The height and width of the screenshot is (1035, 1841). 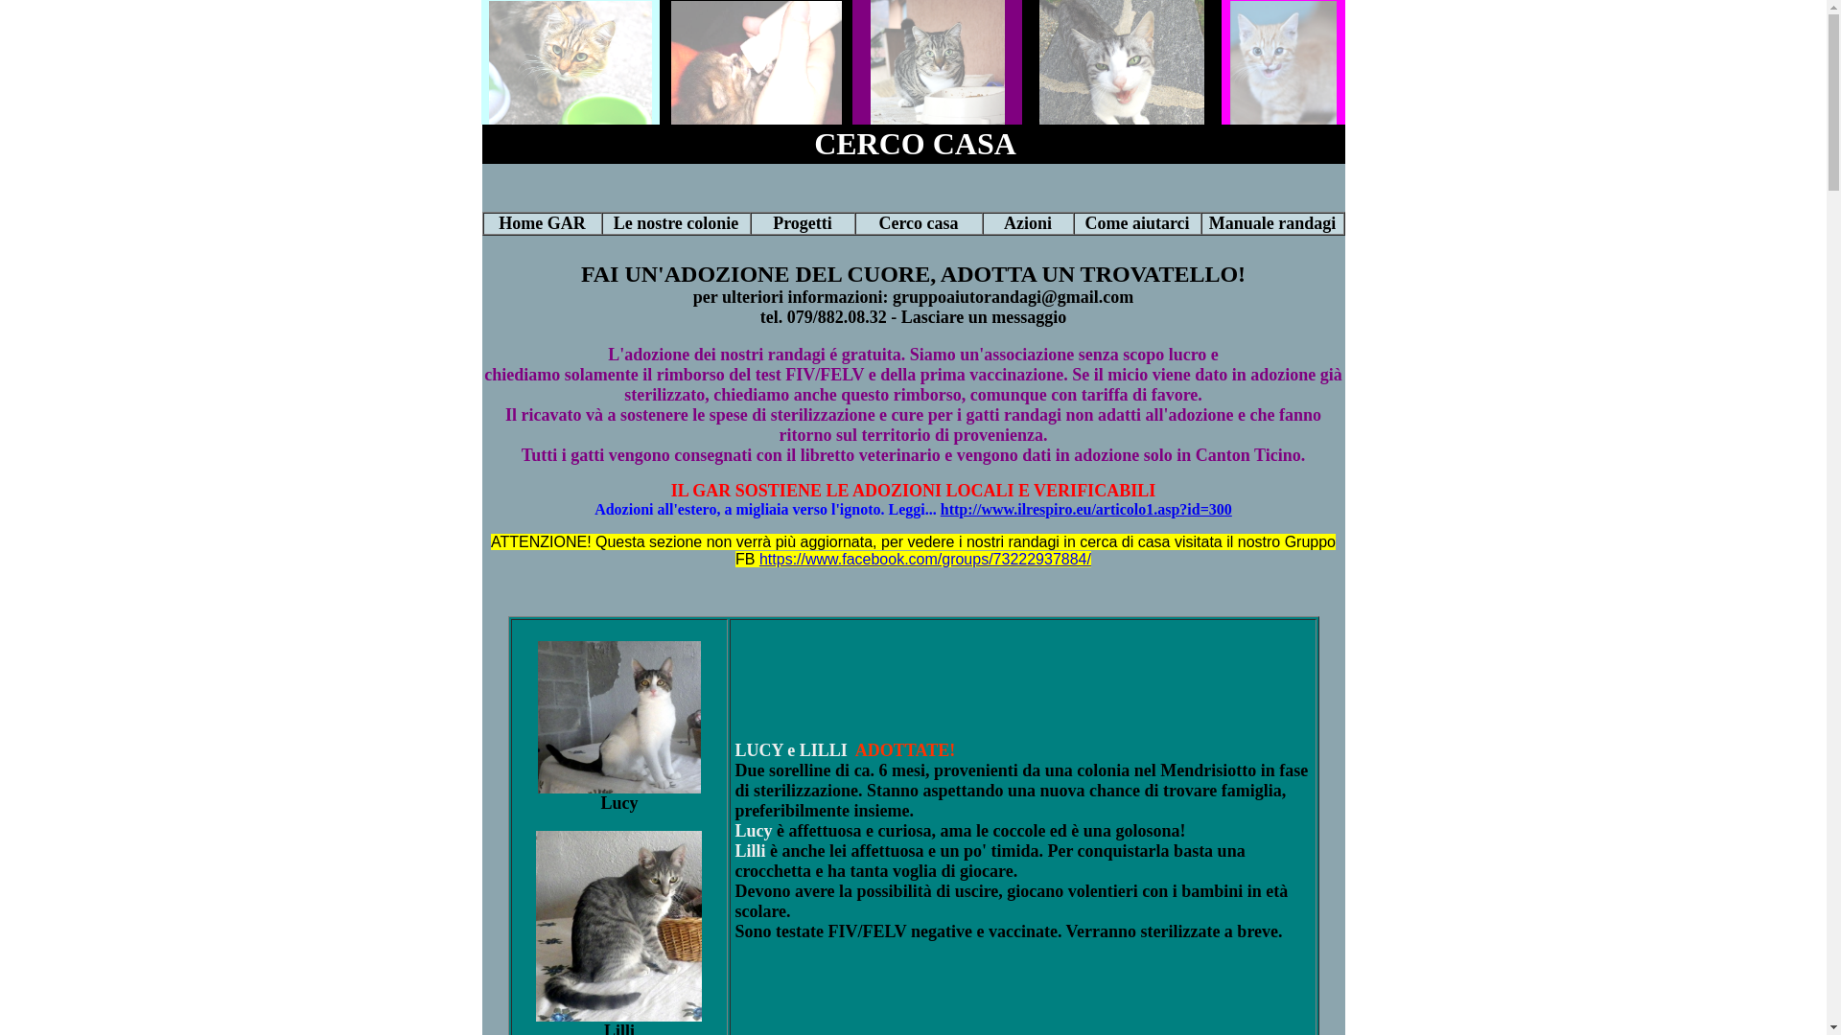 What do you see at coordinates (917, 221) in the screenshot?
I see `'Cerco casa'` at bounding box center [917, 221].